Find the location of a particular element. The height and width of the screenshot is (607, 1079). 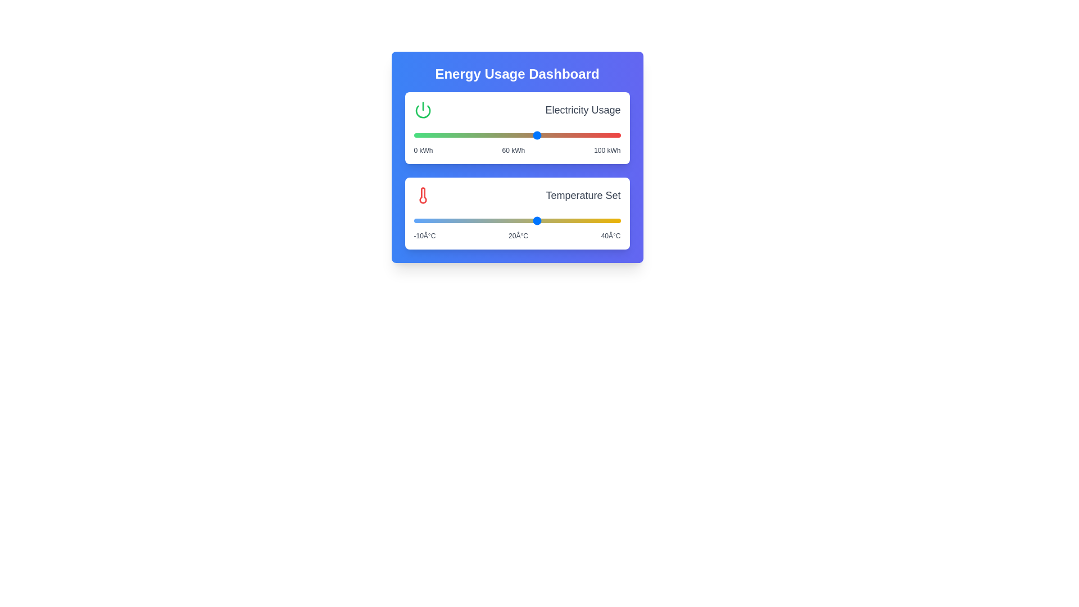

the temperature slider to -5°C is located at coordinates (434, 221).